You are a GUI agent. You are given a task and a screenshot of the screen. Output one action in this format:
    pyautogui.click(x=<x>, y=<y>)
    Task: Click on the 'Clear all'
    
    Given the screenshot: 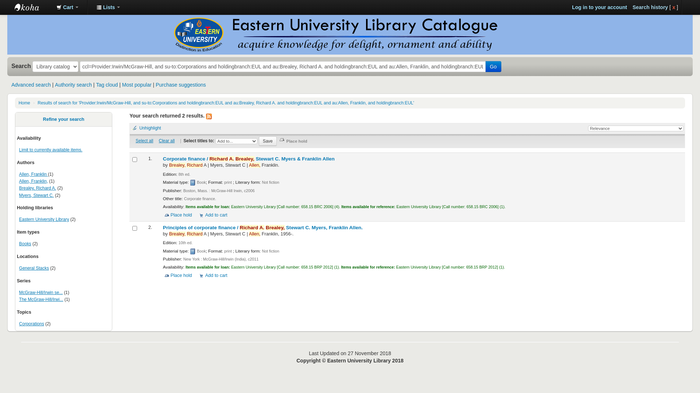 What is the action you would take?
    pyautogui.click(x=166, y=140)
    